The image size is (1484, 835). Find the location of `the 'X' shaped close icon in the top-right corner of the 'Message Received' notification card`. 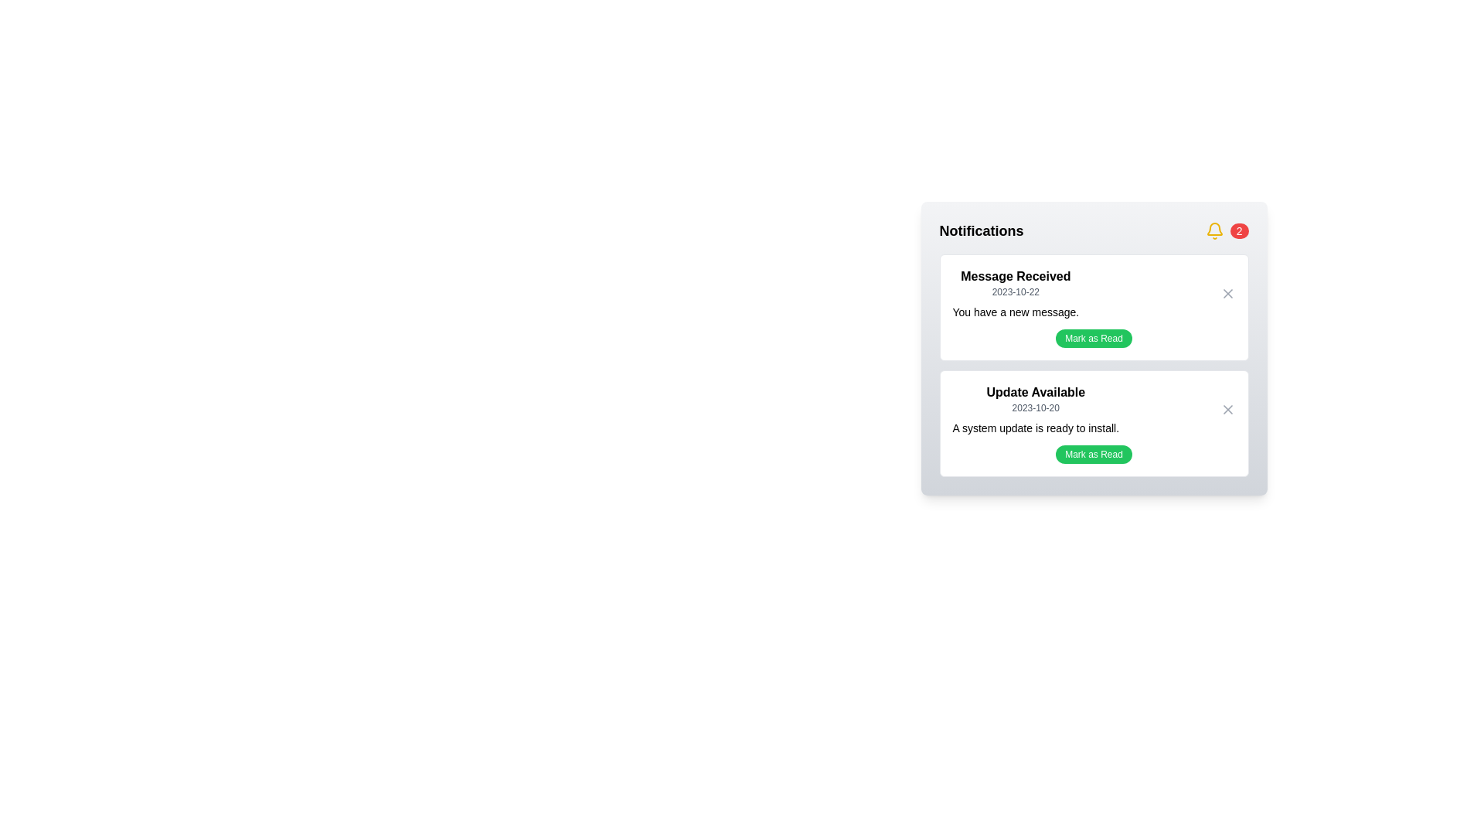

the 'X' shaped close icon in the top-right corner of the 'Message Received' notification card is located at coordinates (1227, 294).